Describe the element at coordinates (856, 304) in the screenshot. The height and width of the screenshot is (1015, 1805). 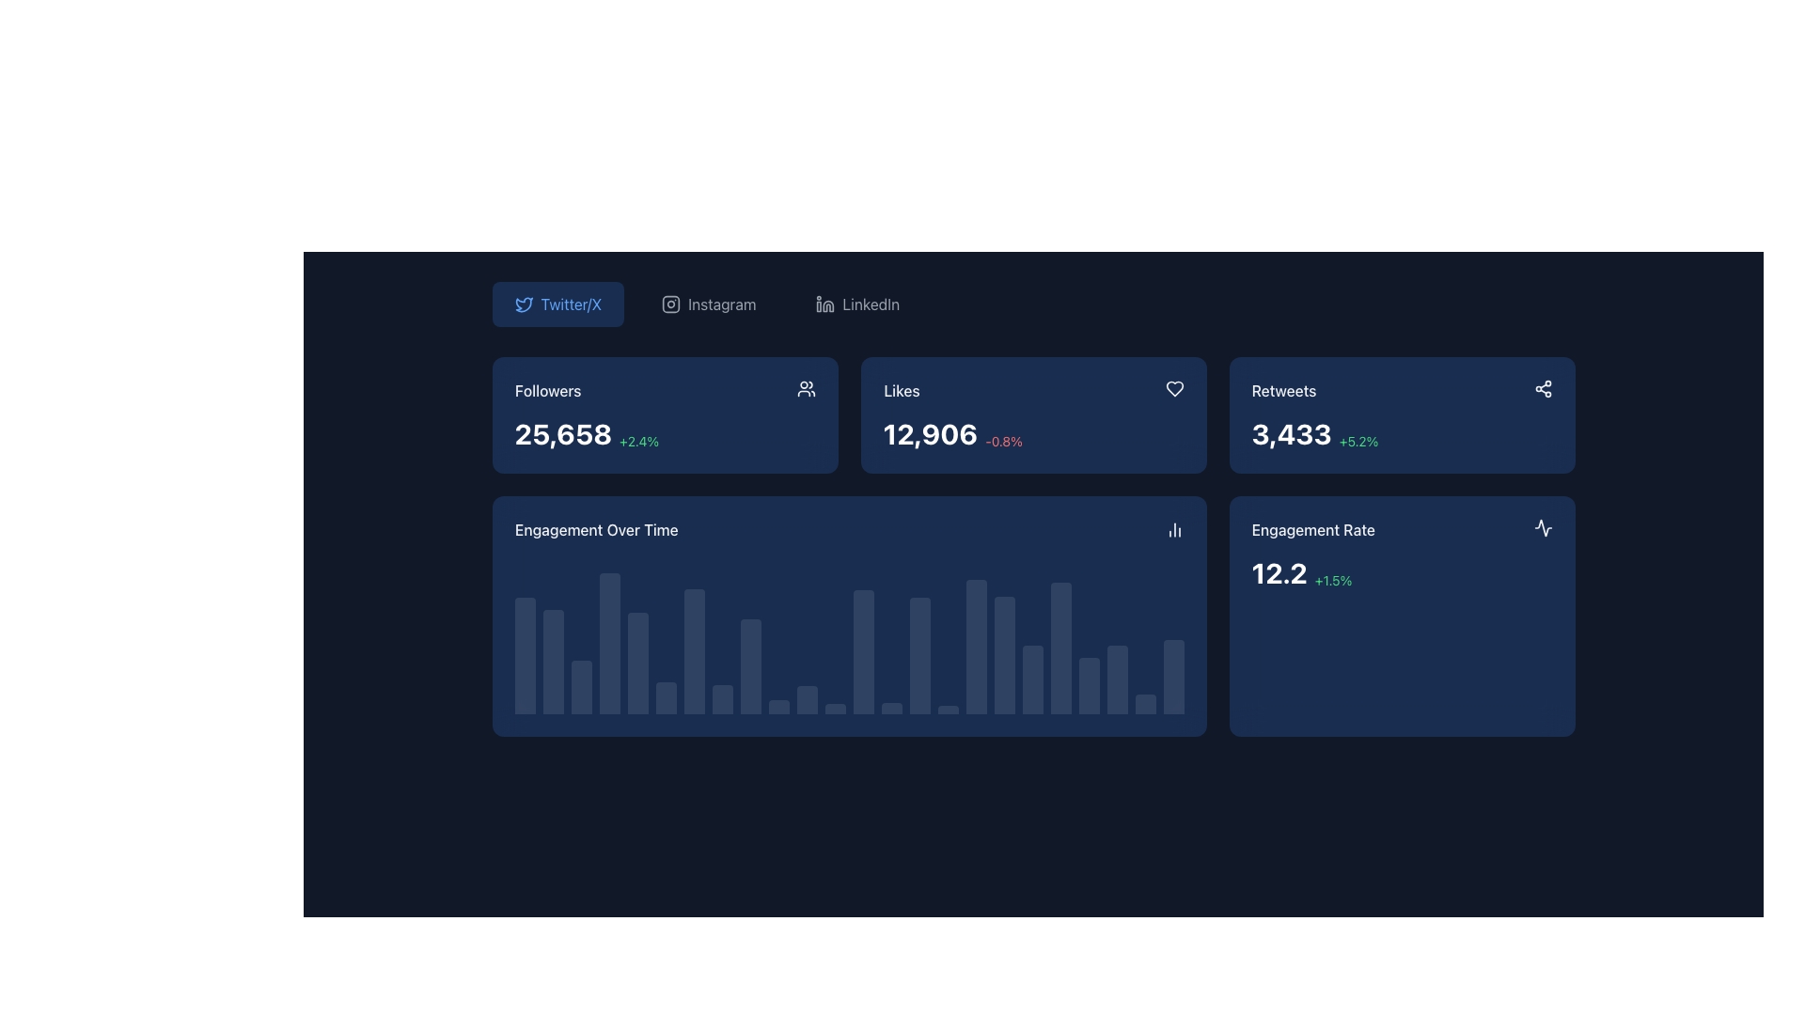
I see `the LinkedIn button located in the top-center portion of the interface, which is the third button in a group after Twitter/X and Instagram buttons` at that location.